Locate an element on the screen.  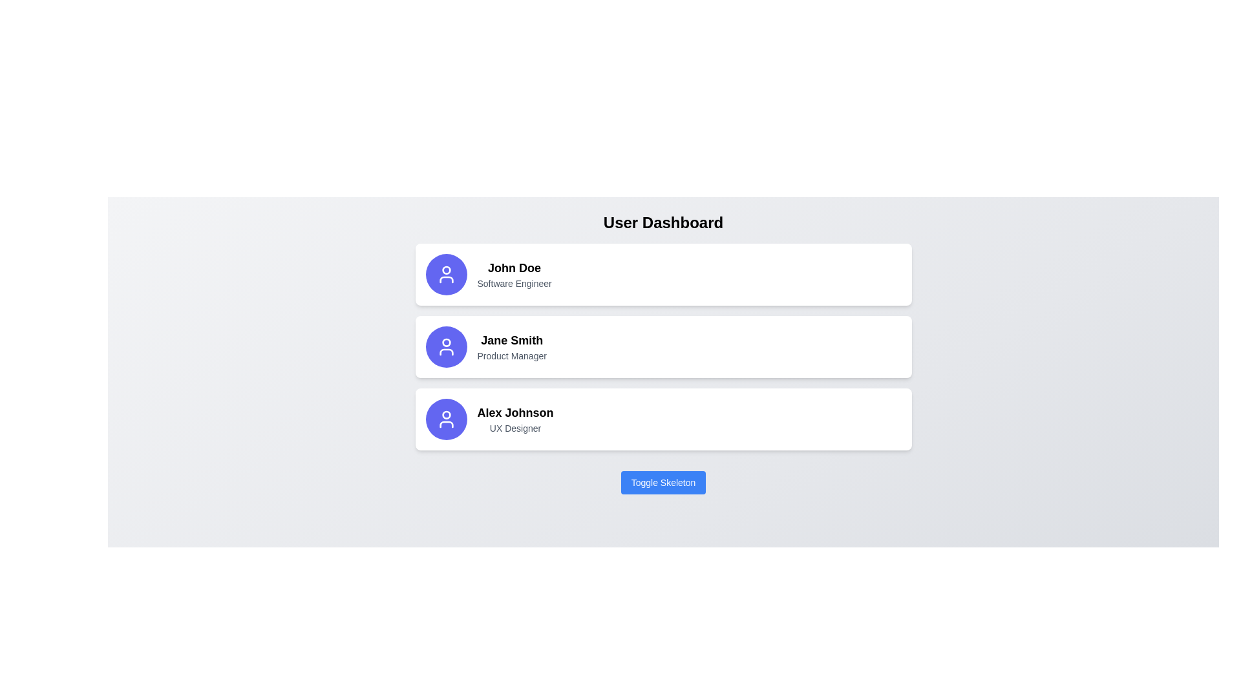
circular user avatar icon with a purple background and white outline representing Jane Smith, located in the middle card of the vertically stacked user profiles is located at coordinates (446, 346).